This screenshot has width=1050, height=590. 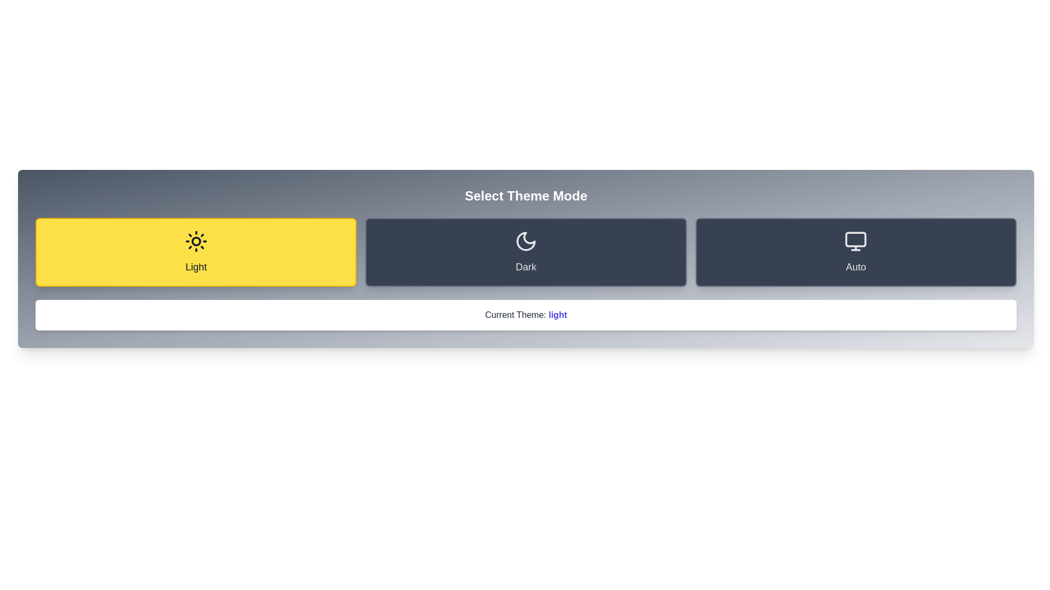 I want to click on the middle button with a dark gray background and a crescent moon icon above the word 'Dark' to switch to dark mode, so click(x=526, y=252).